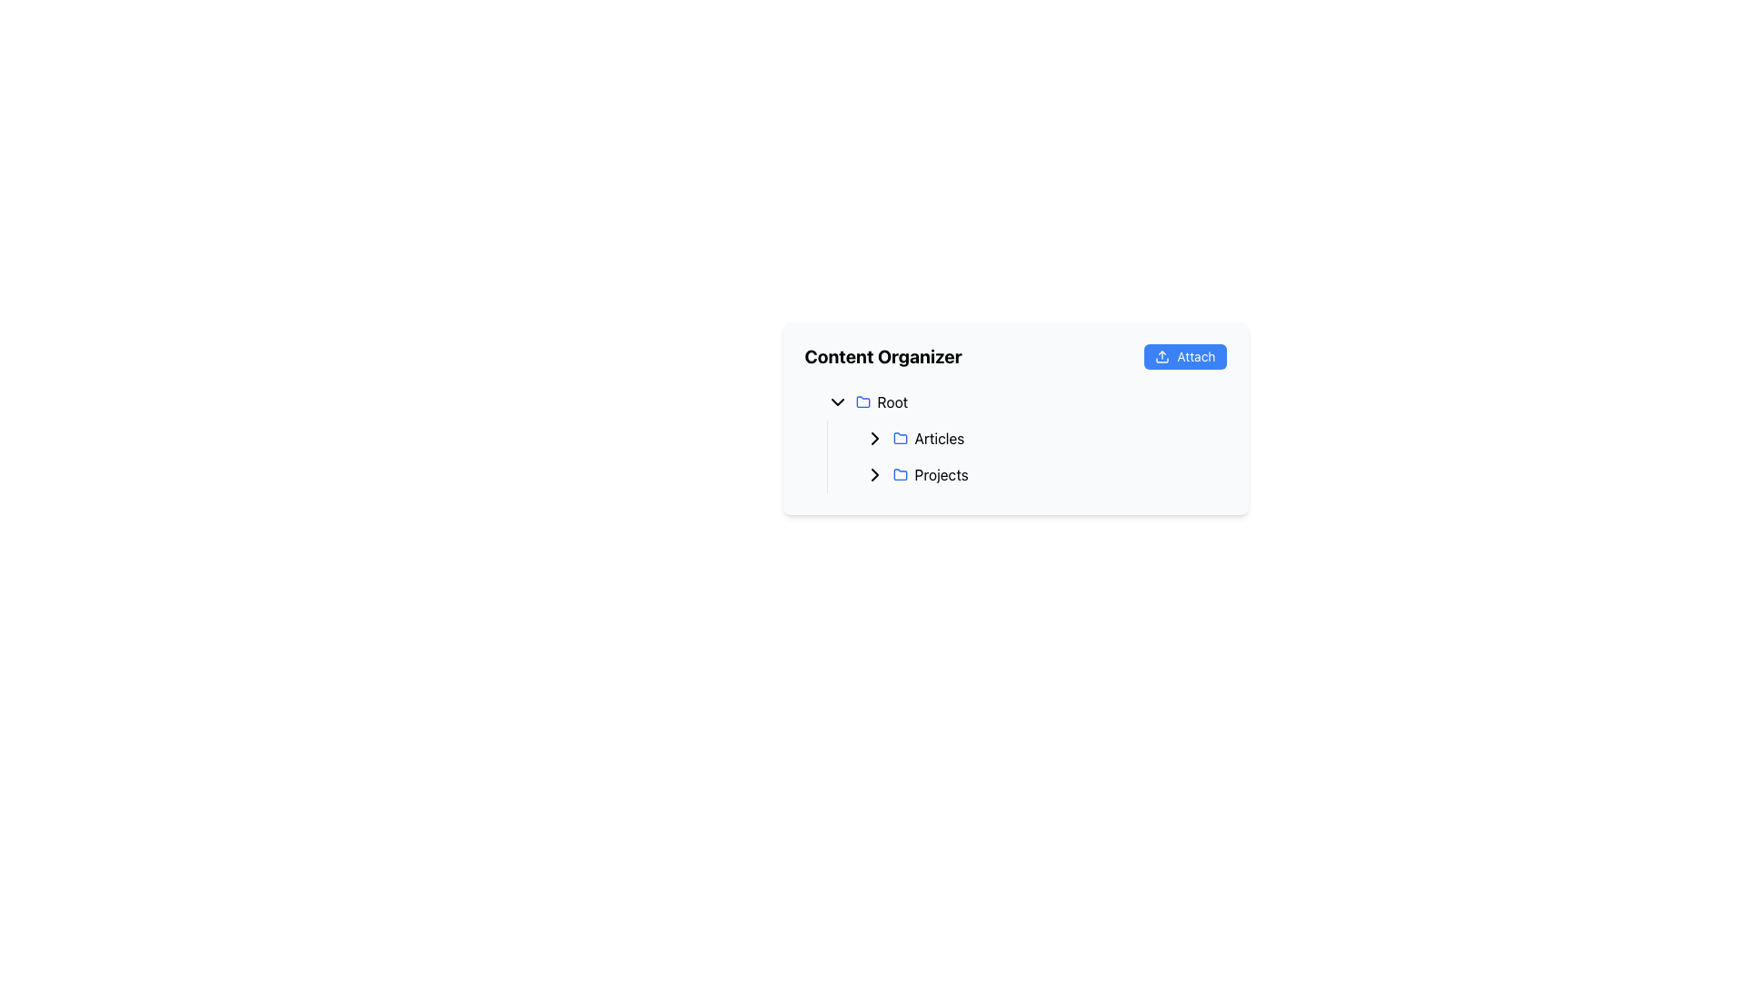 The width and height of the screenshot is (1745, 981). I want to click on the text label 'Root' in the hierarchical list, so click(892, 401).